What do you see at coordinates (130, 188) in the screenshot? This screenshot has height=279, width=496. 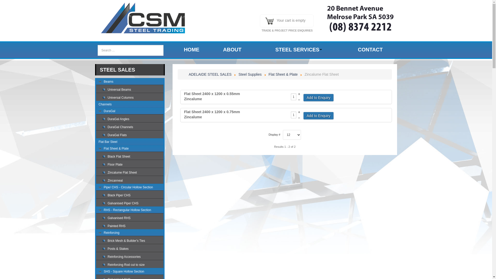 I see `'Pipe/ CHS - Circular Hollow Section'` at bounding box center [130, 188].